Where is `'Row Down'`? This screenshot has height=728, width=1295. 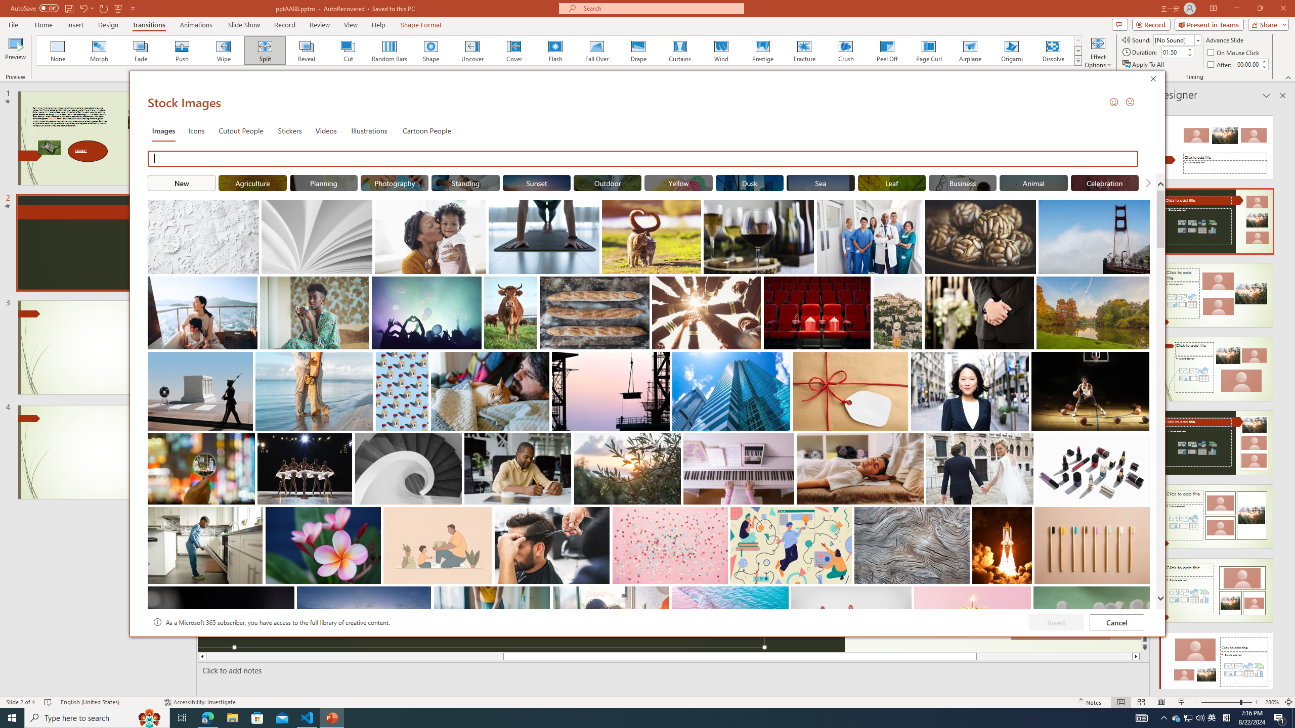 'Row Down' is located at coordinates (1078, 50).